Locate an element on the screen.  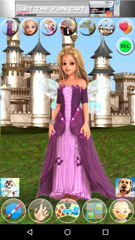
the avatar icon is located at coordinates (48, 29).